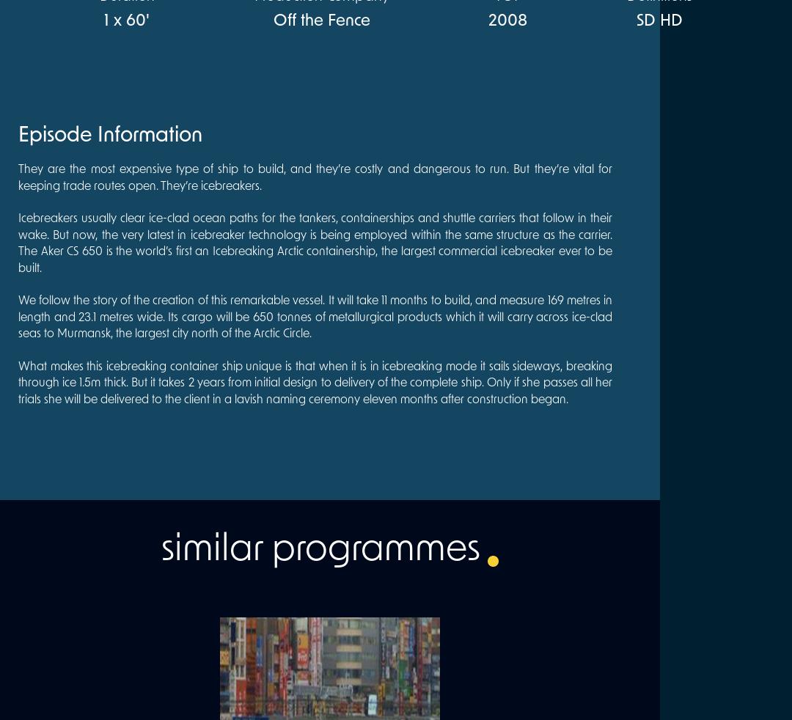 This screenshot has height=720, width=792. I want to click on 'What makes this icebreaking container ship unique is that when it is in icebreaking mode it sails sideways, breaking through ice 1.5m thick. But it takes 2 years from initial design to delivery of the complete ship. Only if she passes all her trials she will be delivered to the client in a lavish naming ceremony eleven months after construction began.', so click(314, 382).